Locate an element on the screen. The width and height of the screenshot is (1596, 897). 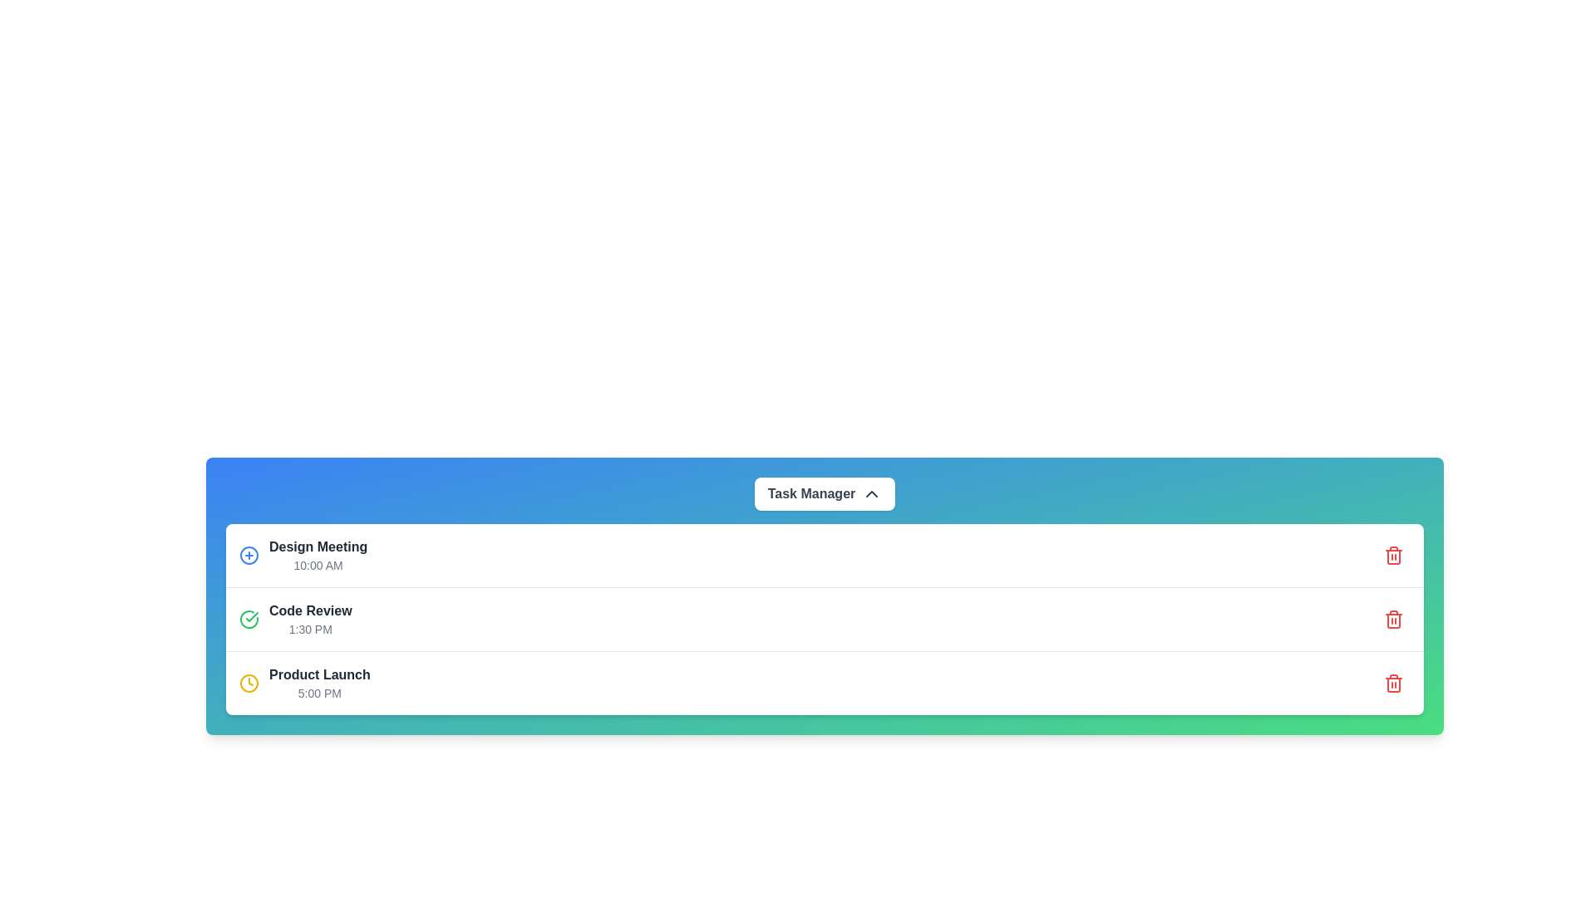
the plus icon located to the left of the text 'Design Meeting' is located at coordinates (248, 555).